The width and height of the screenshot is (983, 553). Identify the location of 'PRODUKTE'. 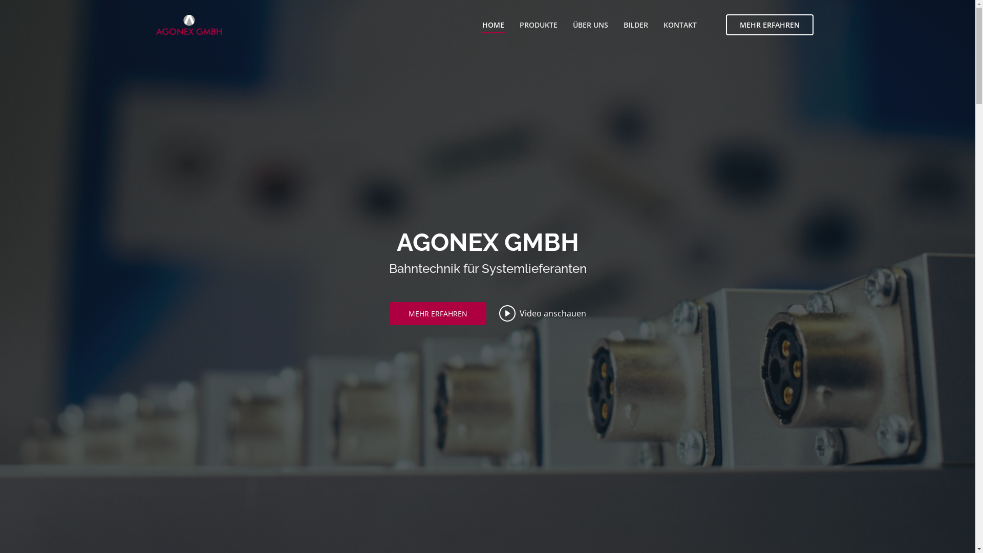
(538, 24).